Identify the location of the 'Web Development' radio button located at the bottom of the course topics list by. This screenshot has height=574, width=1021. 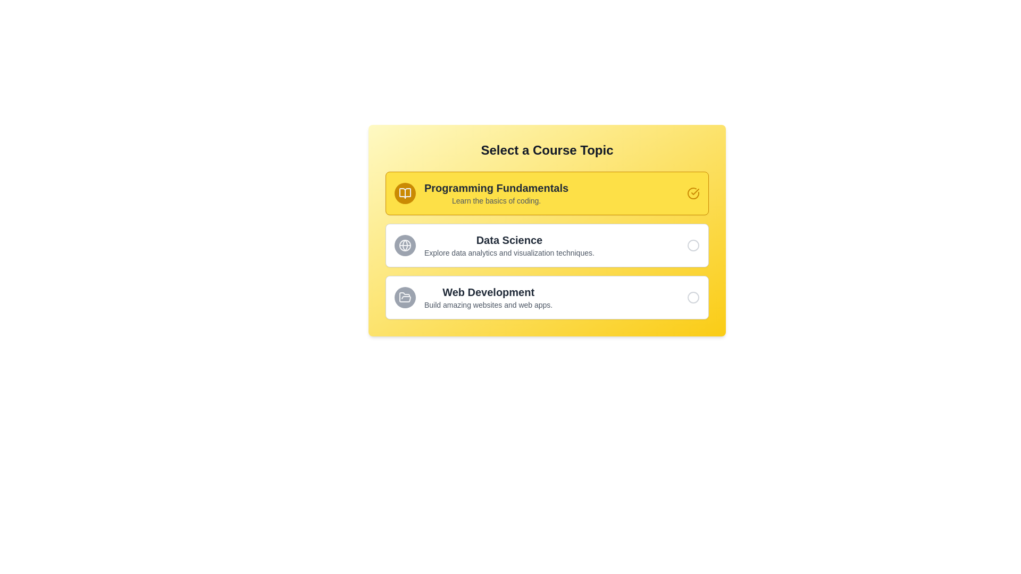
(693, 297).